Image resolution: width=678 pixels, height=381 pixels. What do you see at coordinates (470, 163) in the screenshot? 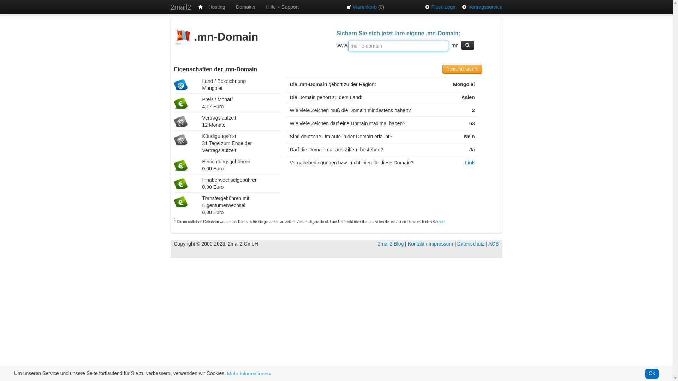
I see `'Link'` at bounding box center [470, 163].